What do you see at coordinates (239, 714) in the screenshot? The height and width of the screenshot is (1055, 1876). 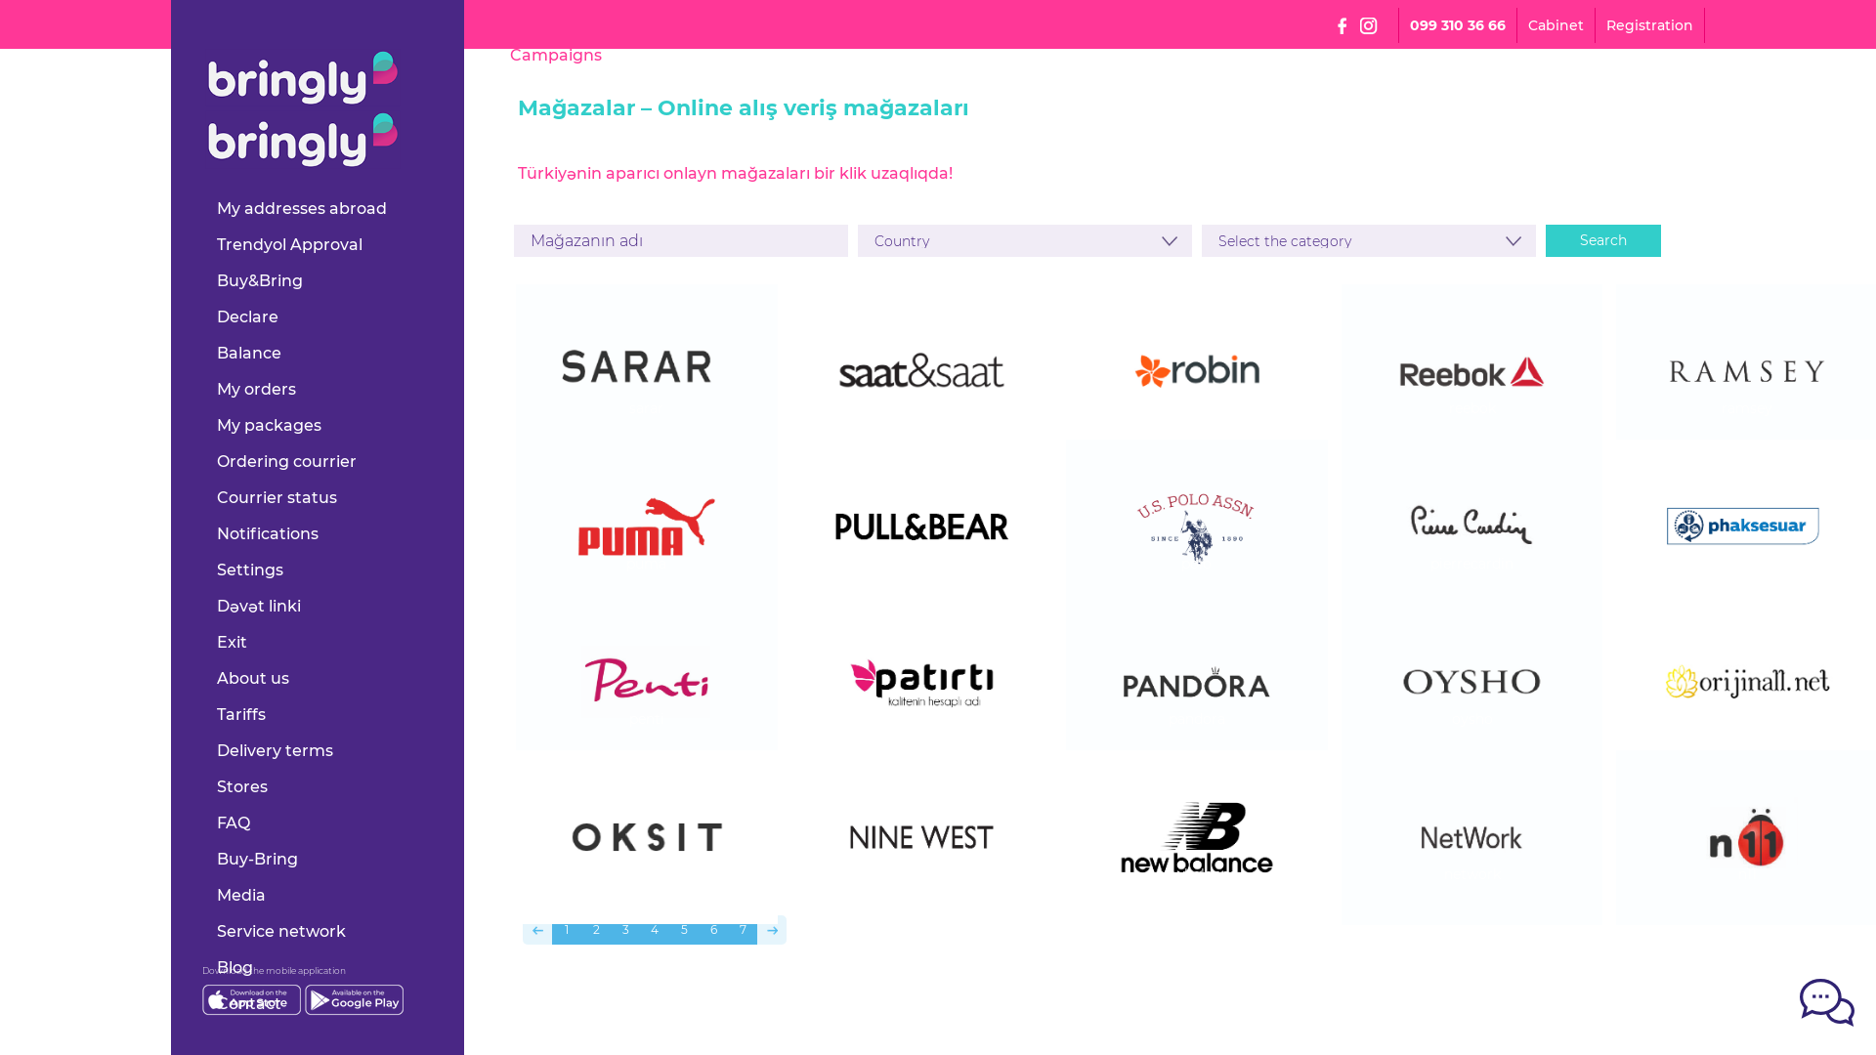 I see `'Tariffs'` at bounding box center [239, 714].